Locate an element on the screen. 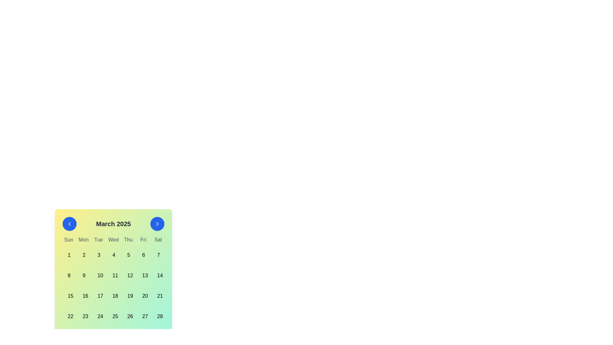 This screenshot has width=613, height=345. the Calendar day cell button displaying the number '3' in the first row and third column of the calendar is located at coordinates (98, 255).